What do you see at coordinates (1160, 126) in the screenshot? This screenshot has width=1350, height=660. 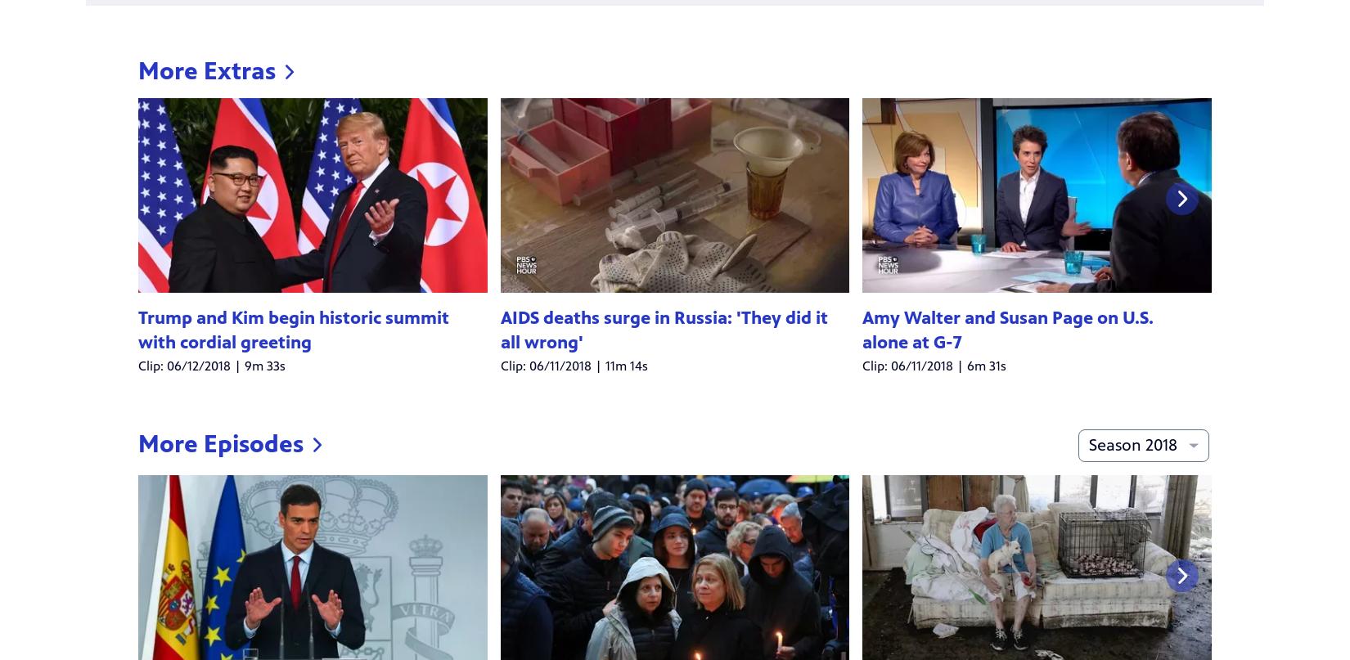 I see `'Season 2023'` at bounding box center [1160, 126].